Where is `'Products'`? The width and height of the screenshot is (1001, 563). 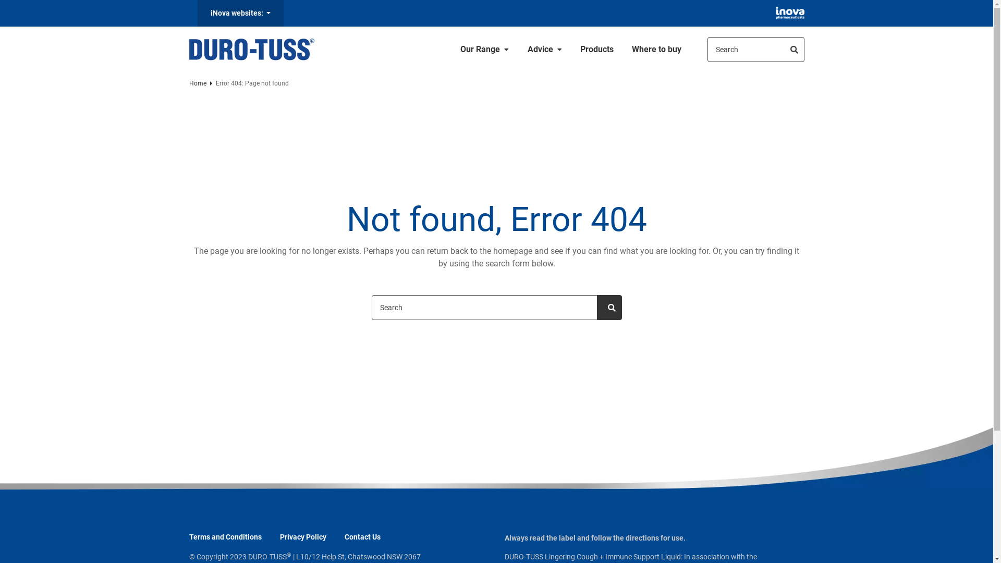
'Products' is located at coordinates (597, 50).